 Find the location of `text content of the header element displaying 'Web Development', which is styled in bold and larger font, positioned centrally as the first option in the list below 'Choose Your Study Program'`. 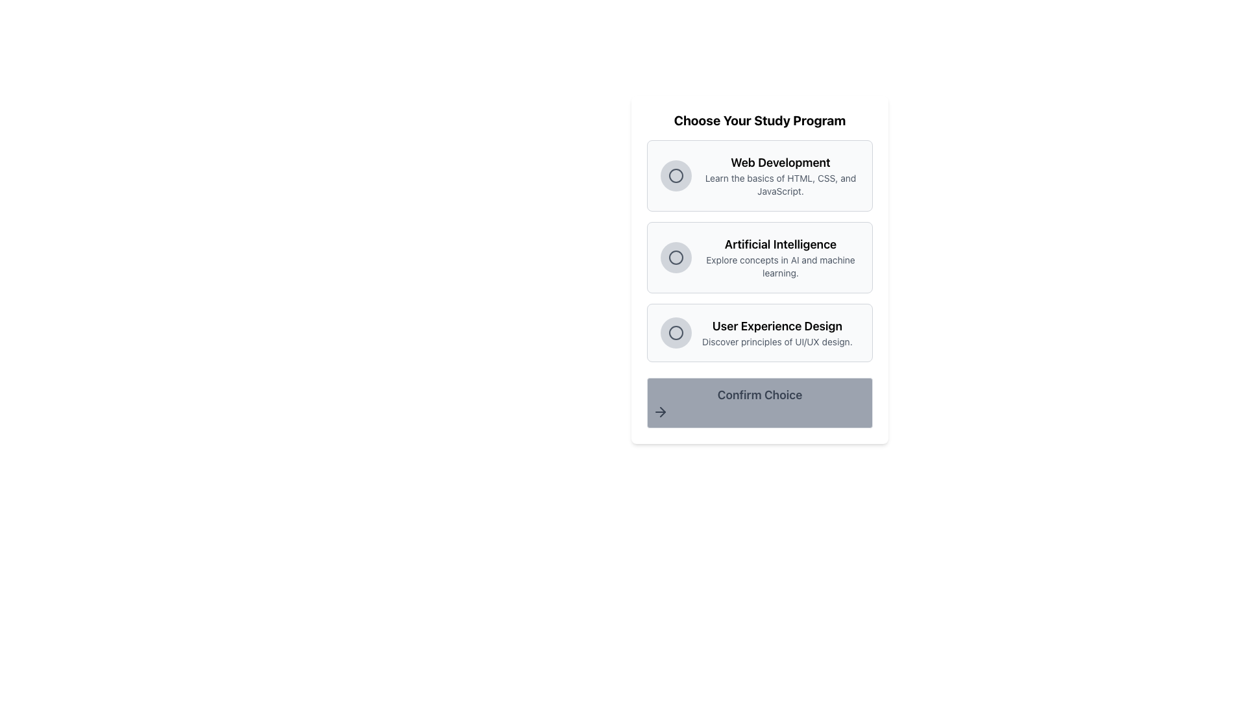

text content of the header element displaying 'Web Development', which is styled in bold and larger font, positioned centrally as the first option in the list below 'Choose Your Study Program' is located at coordinates (780, 162).